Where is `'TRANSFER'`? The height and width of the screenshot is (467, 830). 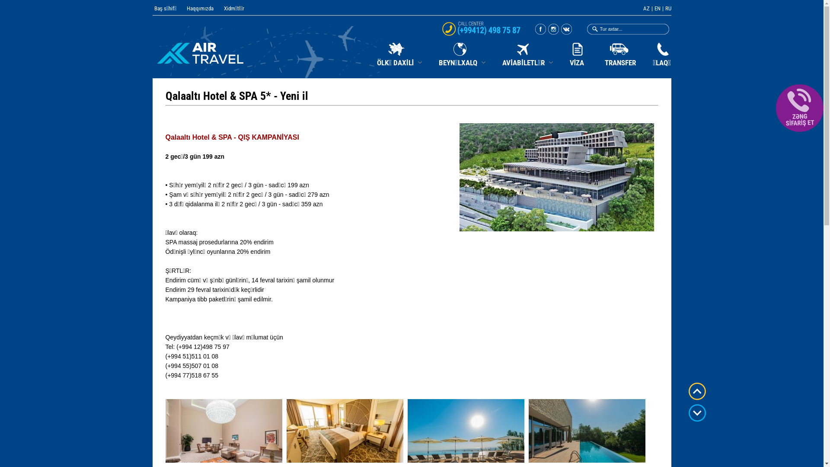
'TRANSFER' is located at coordinates (619, 48).